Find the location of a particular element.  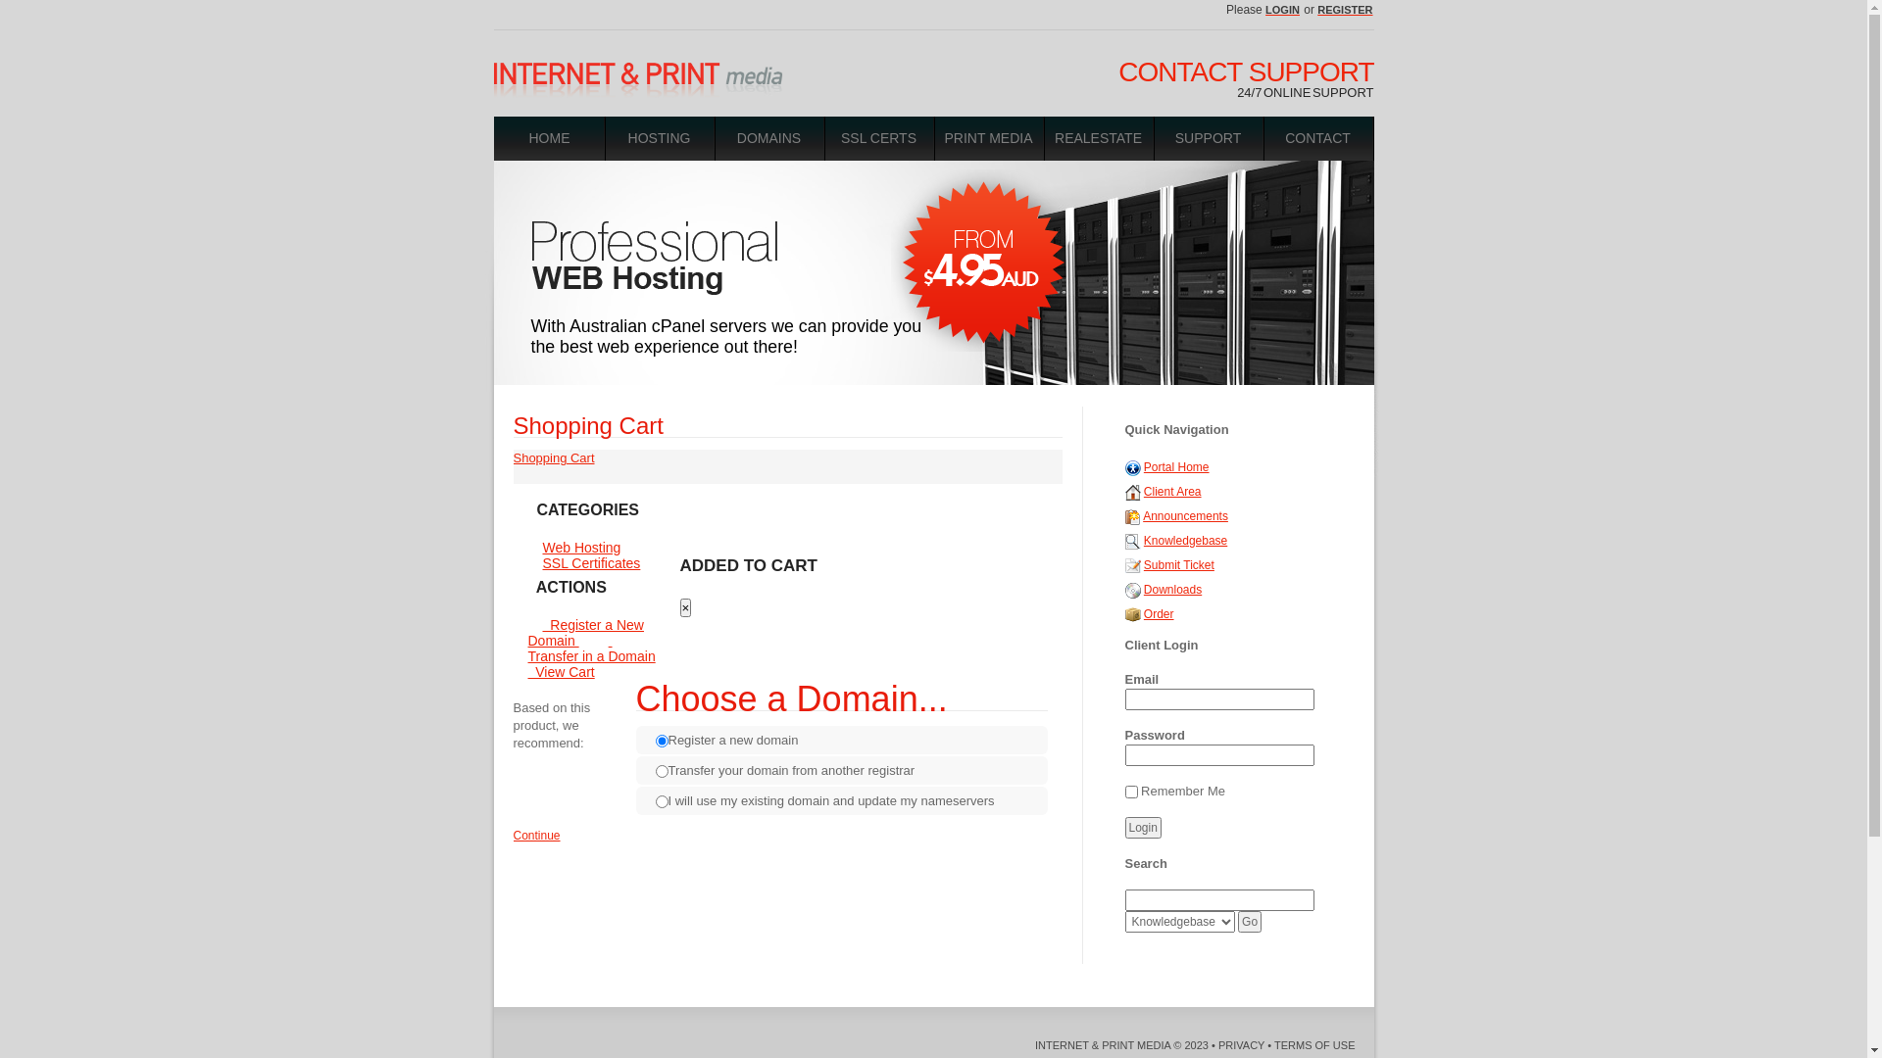

'CONTACT' is located at coordinates (1317, 137).